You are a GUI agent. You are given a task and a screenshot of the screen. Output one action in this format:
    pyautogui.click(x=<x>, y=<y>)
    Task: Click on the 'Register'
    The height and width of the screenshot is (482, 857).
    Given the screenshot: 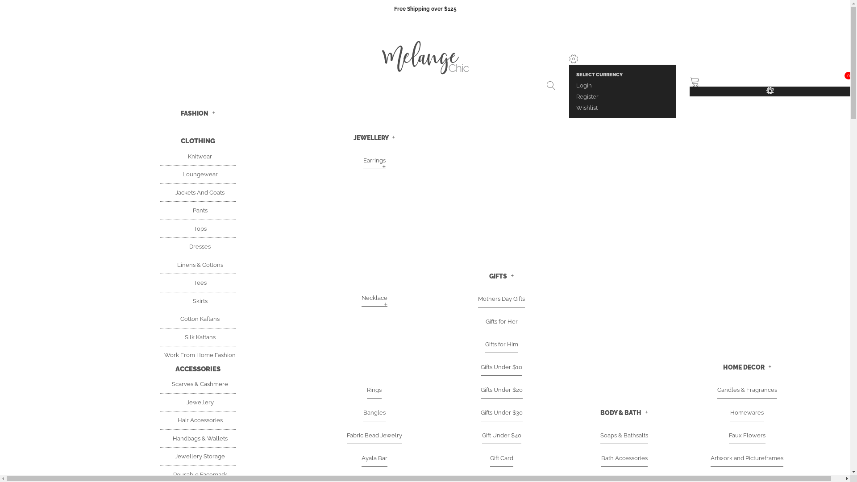 What is the action you would take?
    pyautogui.click(x=587, y=96)
    